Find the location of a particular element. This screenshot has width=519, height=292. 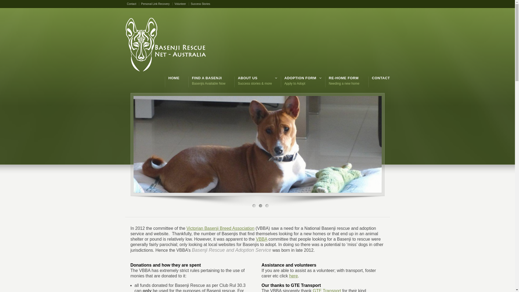

'CONTACT' is located at coordinates (381, 78).